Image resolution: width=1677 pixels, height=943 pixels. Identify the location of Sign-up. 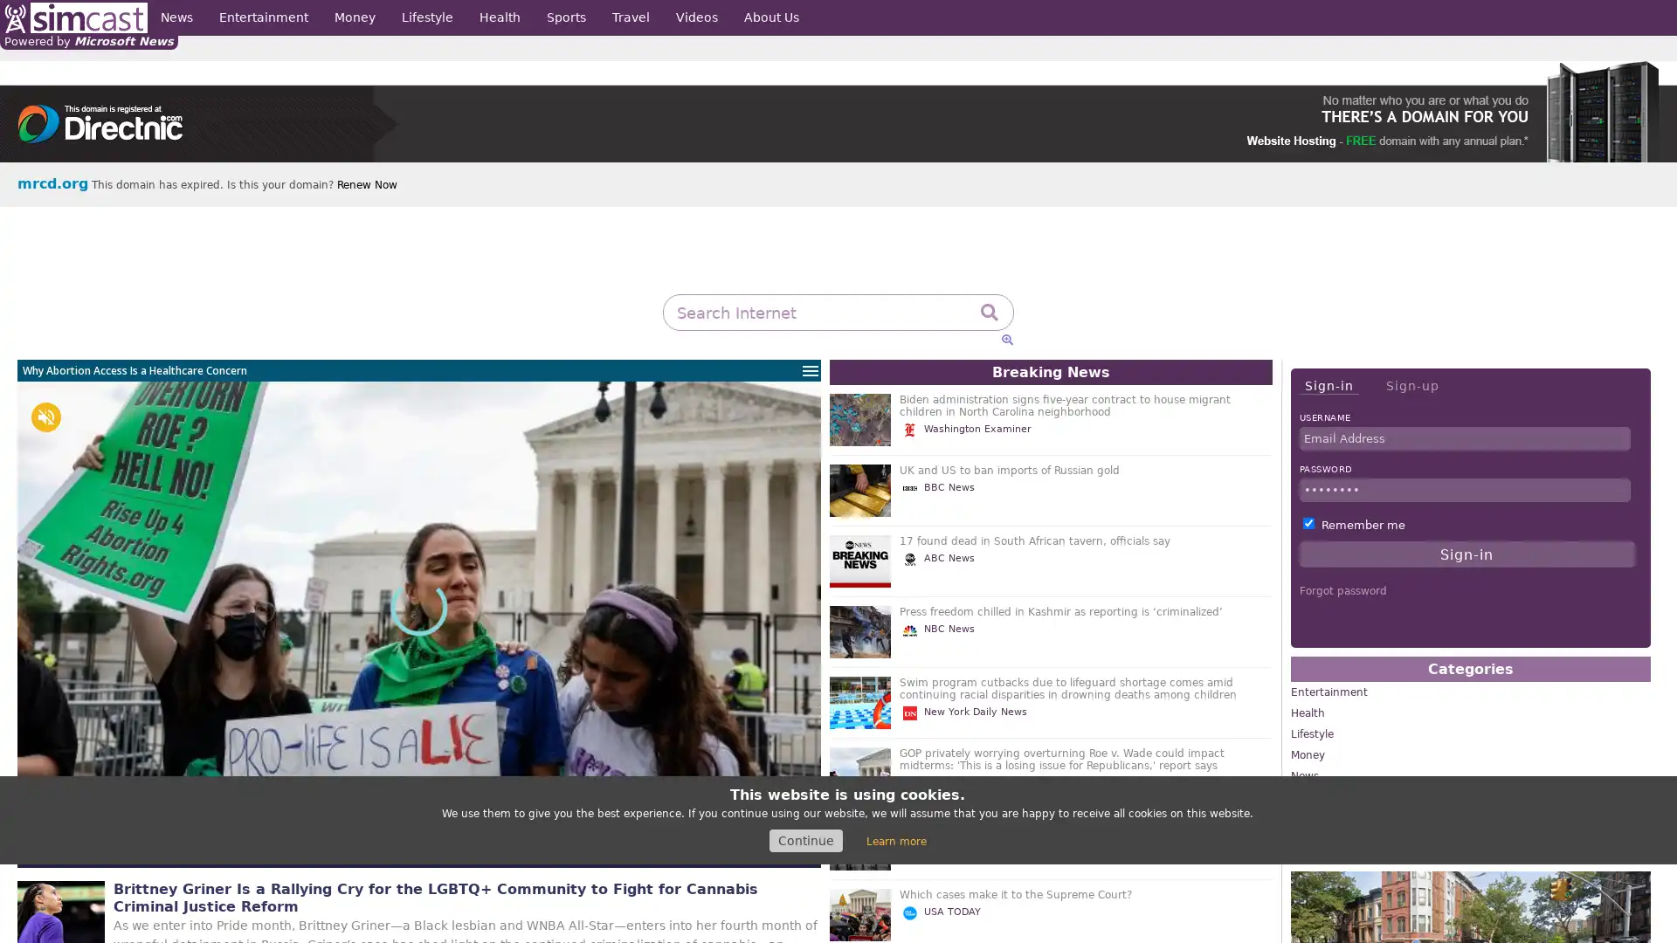
(1411, 385).